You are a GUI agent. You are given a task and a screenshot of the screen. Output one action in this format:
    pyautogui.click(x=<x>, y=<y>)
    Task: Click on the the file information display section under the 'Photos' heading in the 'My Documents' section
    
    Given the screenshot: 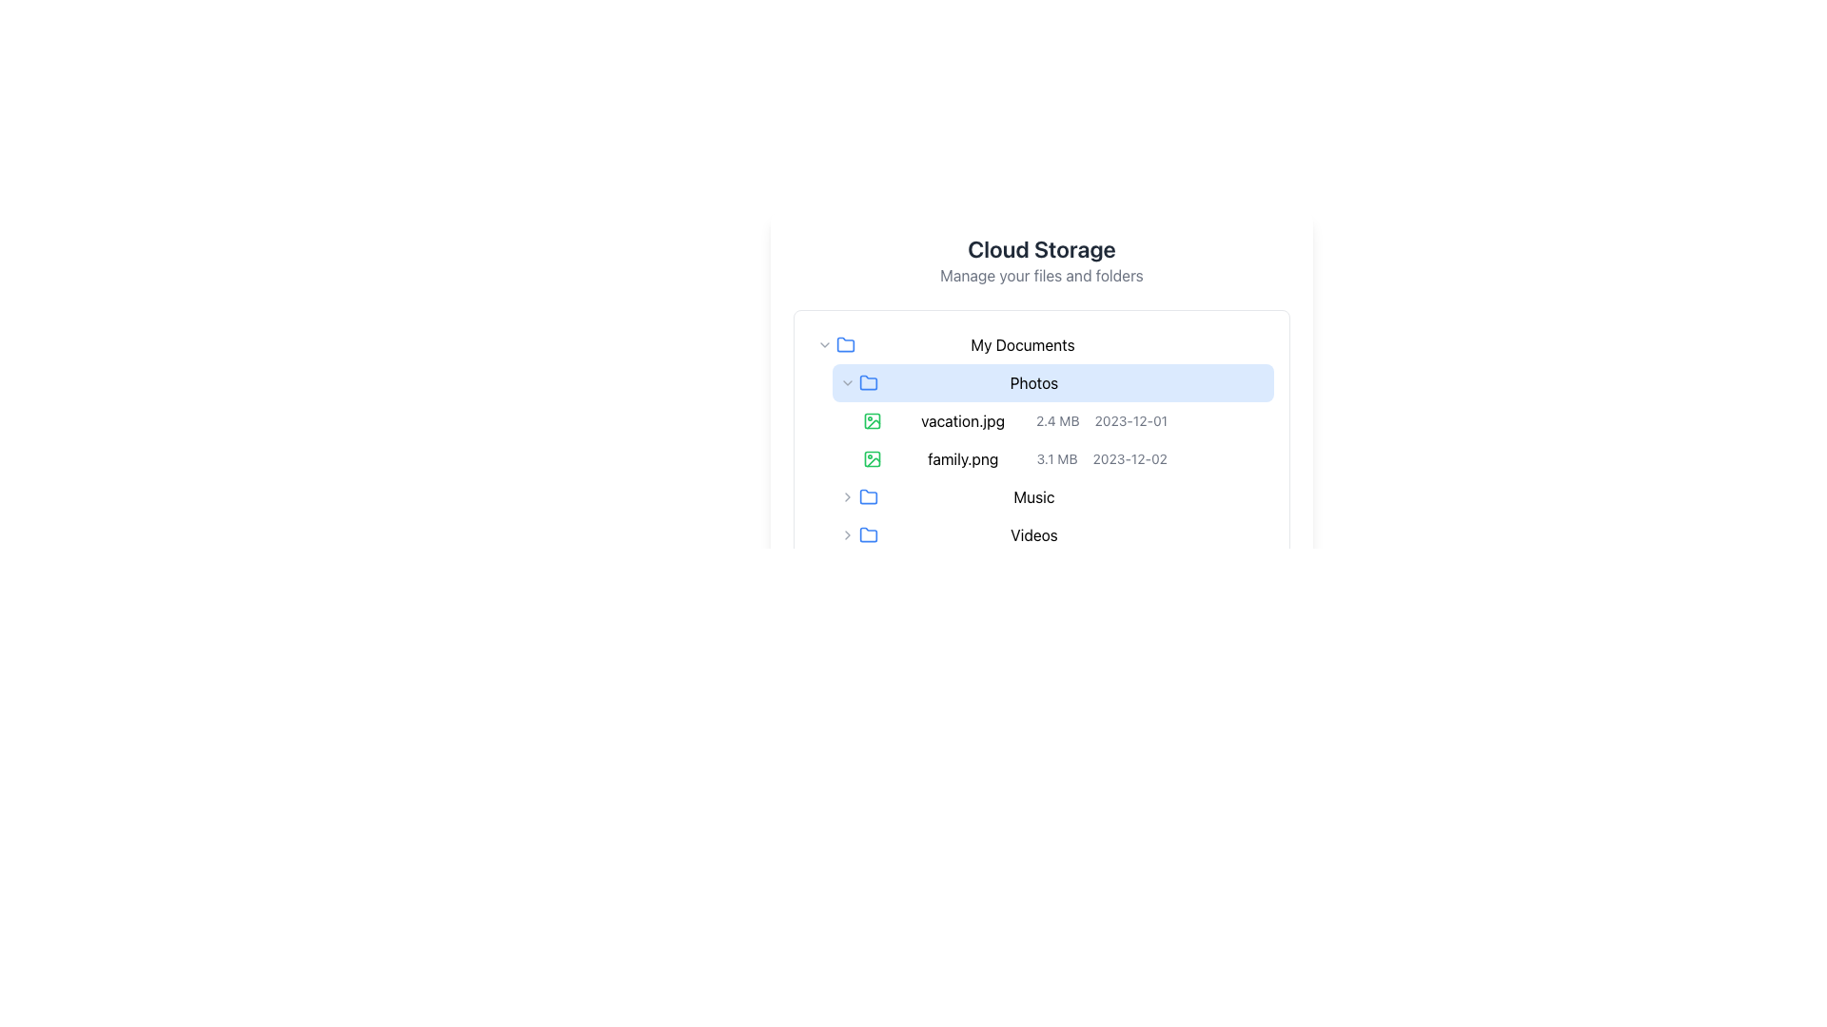 What is the action you would take?
    pyautogui.click(x=1040, y=458)
    